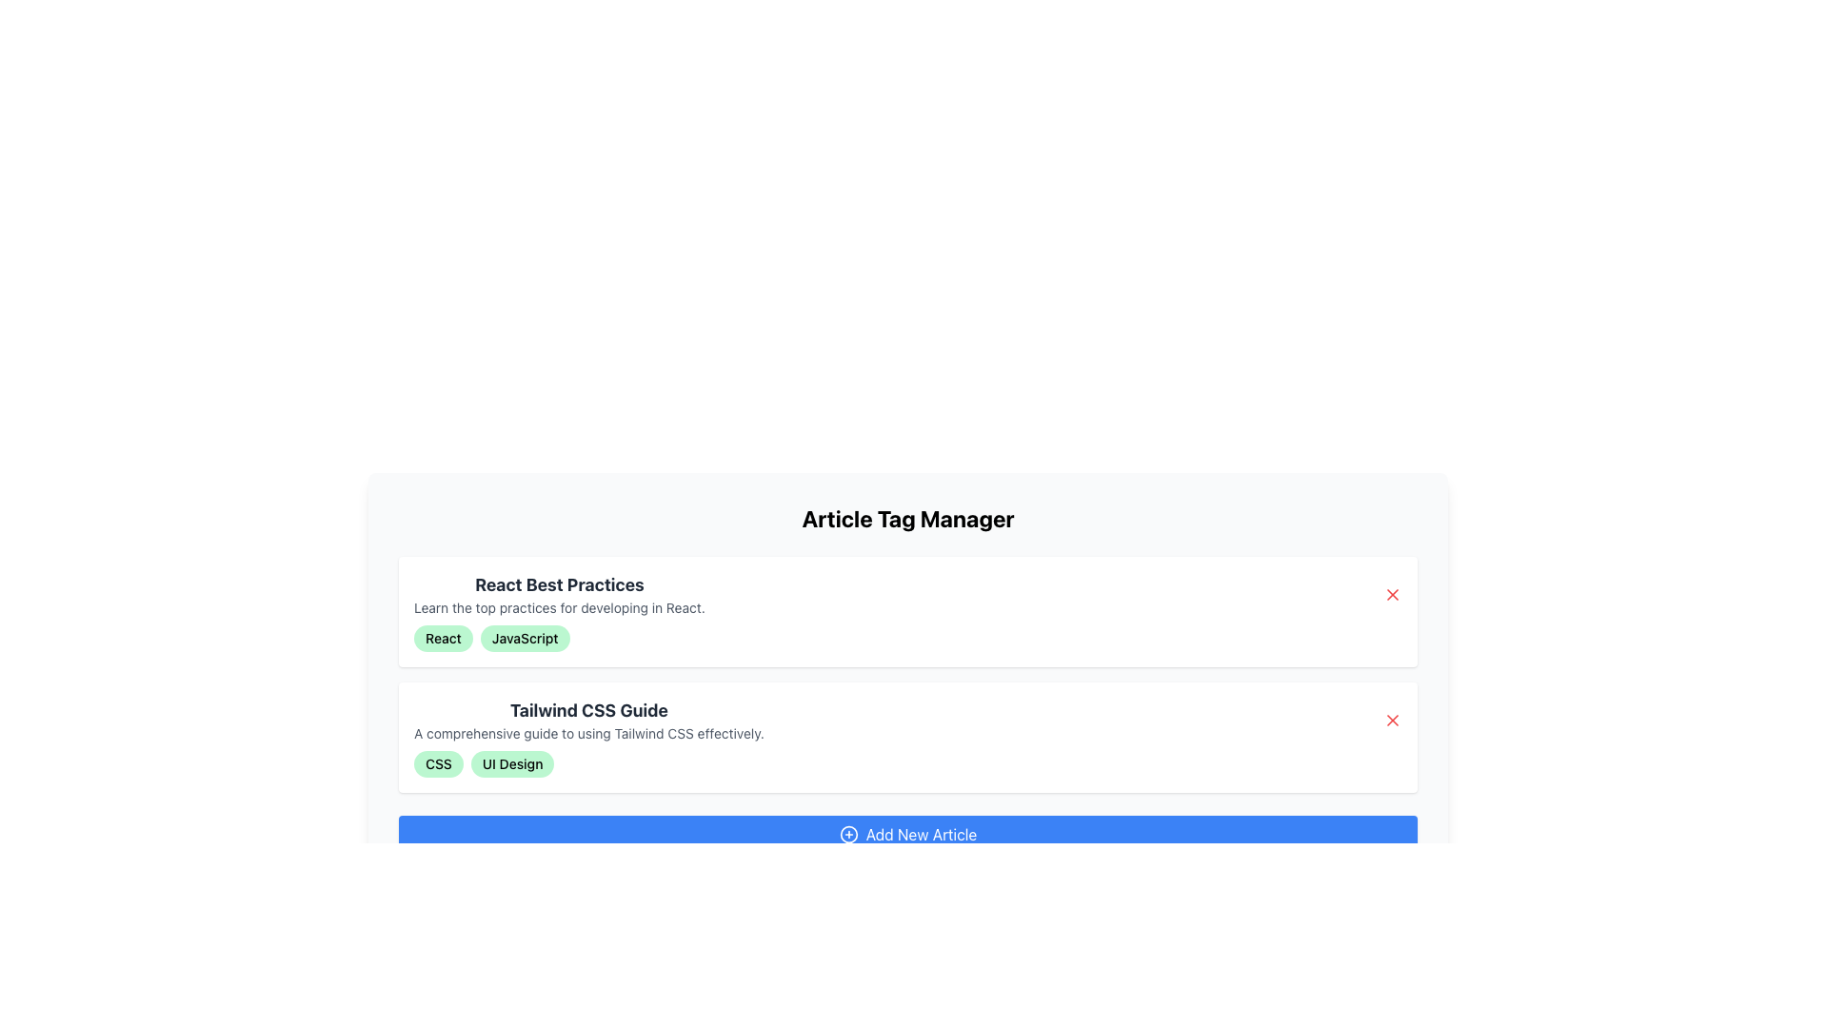  Describe the element at coordinates (1393, 720) in the screenshot. I see `the red 'X' icon` at that location.